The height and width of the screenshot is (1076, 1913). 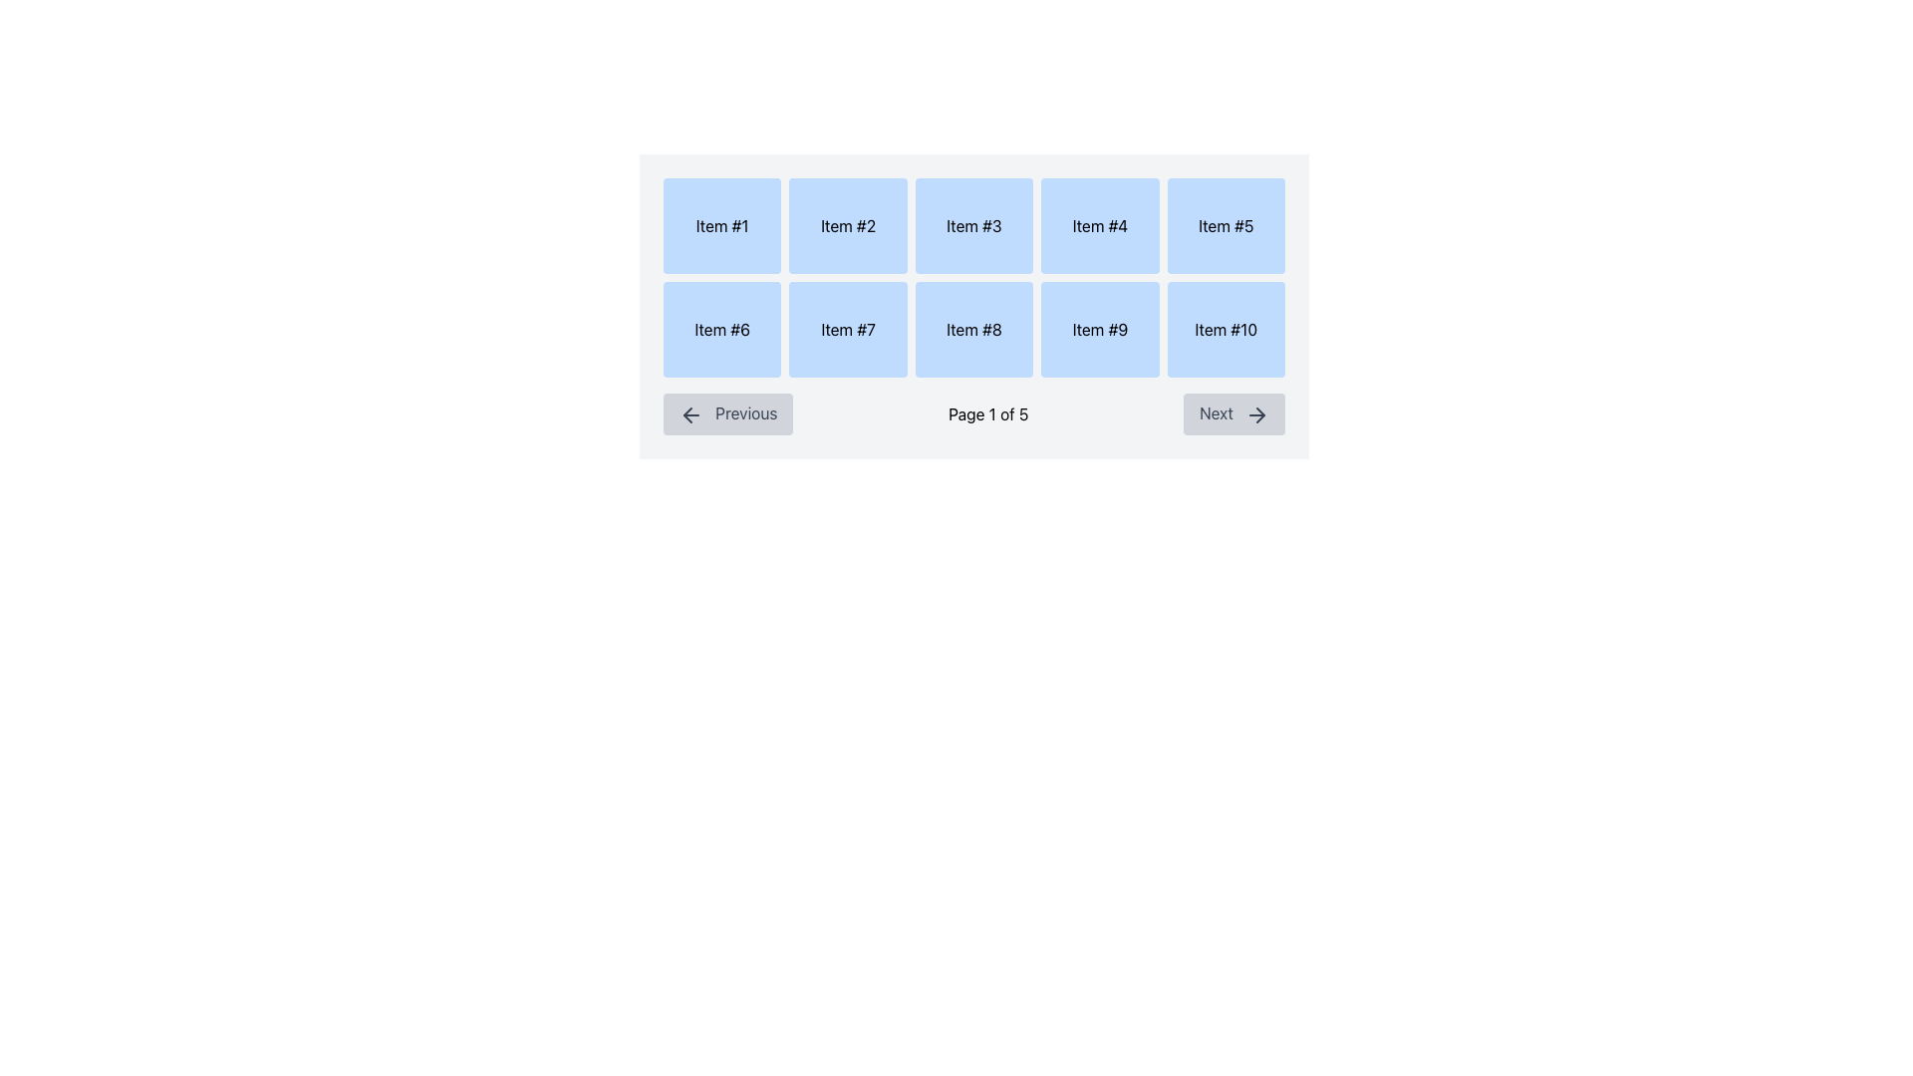 What do you see at coordinates (1225, 329) in the screenshot?
I see `the 'Item #10' entry in the grid layout` at bounding box center [1225, 329].